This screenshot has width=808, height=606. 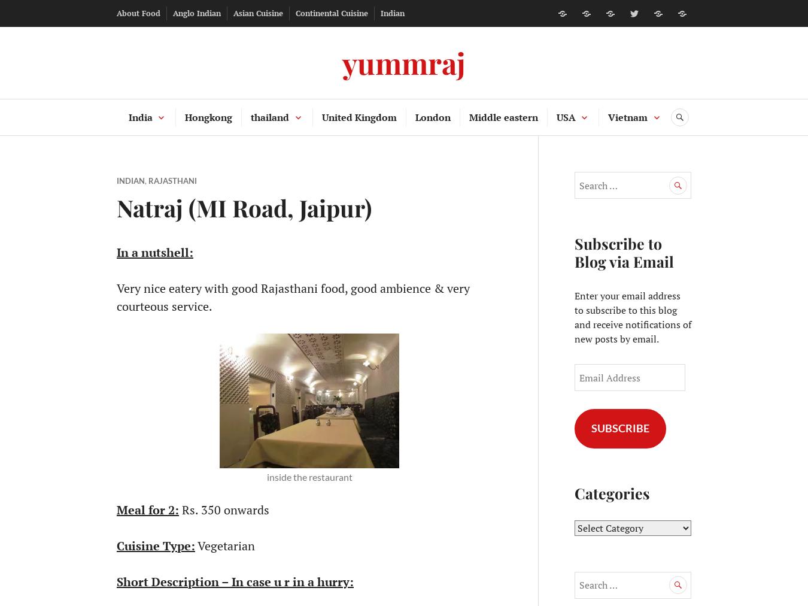 I want to click on 'Asian Cuisine', so click(x=258, y=12).